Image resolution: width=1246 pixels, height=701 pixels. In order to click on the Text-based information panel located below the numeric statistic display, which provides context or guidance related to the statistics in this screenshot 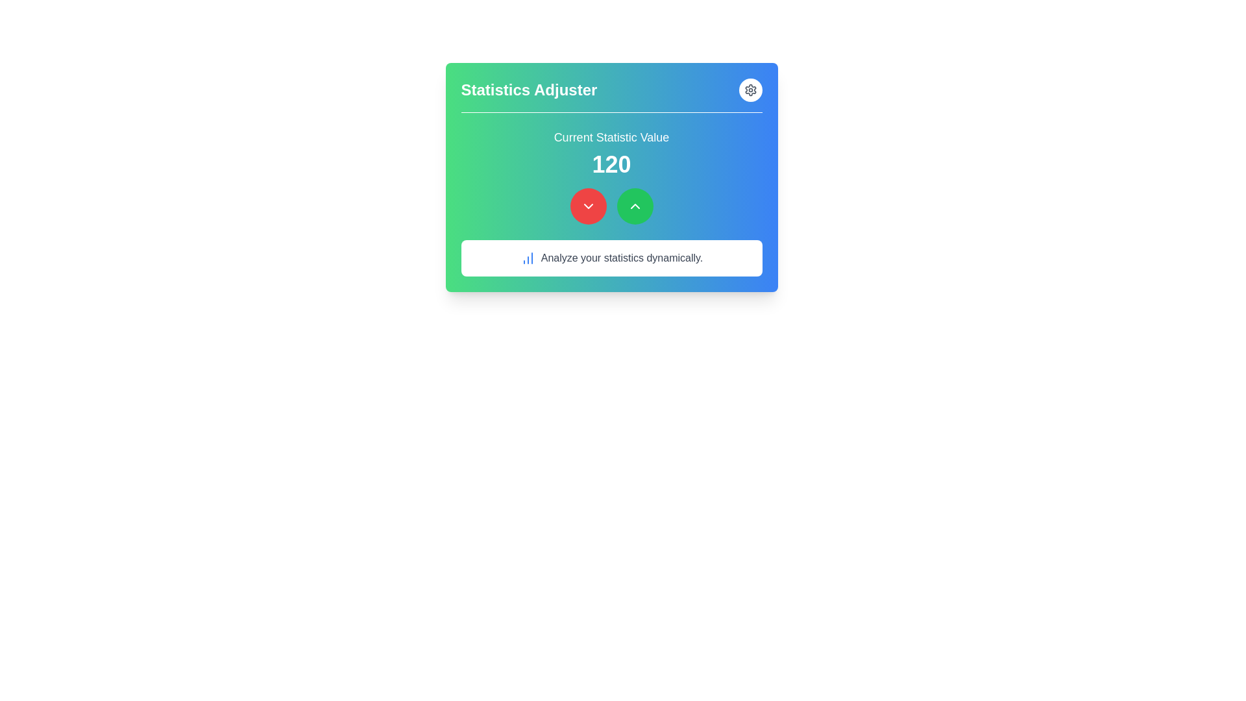, I will do `click(611, 258)`.